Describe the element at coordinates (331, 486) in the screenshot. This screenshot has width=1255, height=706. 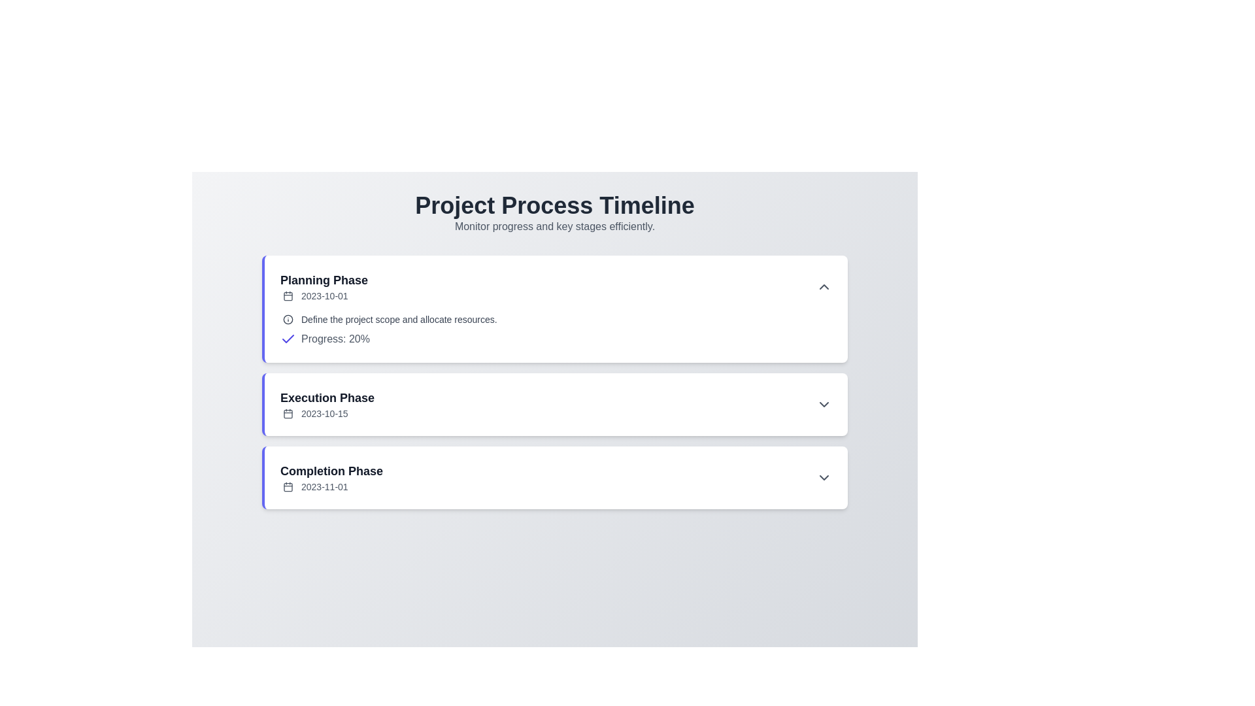
I see `date text displayed in gray font below the 'Completion Phase' title, which is accompanied by a modern calendar icon` at that location.